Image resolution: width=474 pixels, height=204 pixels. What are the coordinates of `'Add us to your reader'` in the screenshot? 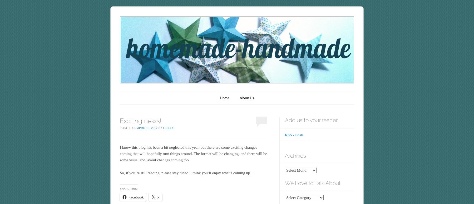 It's located at (311, 120).